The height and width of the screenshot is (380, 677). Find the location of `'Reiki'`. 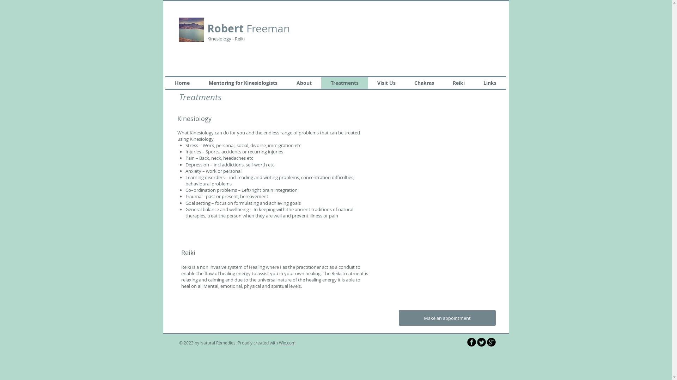

'Reiki' is located at coordinates (443, 82).